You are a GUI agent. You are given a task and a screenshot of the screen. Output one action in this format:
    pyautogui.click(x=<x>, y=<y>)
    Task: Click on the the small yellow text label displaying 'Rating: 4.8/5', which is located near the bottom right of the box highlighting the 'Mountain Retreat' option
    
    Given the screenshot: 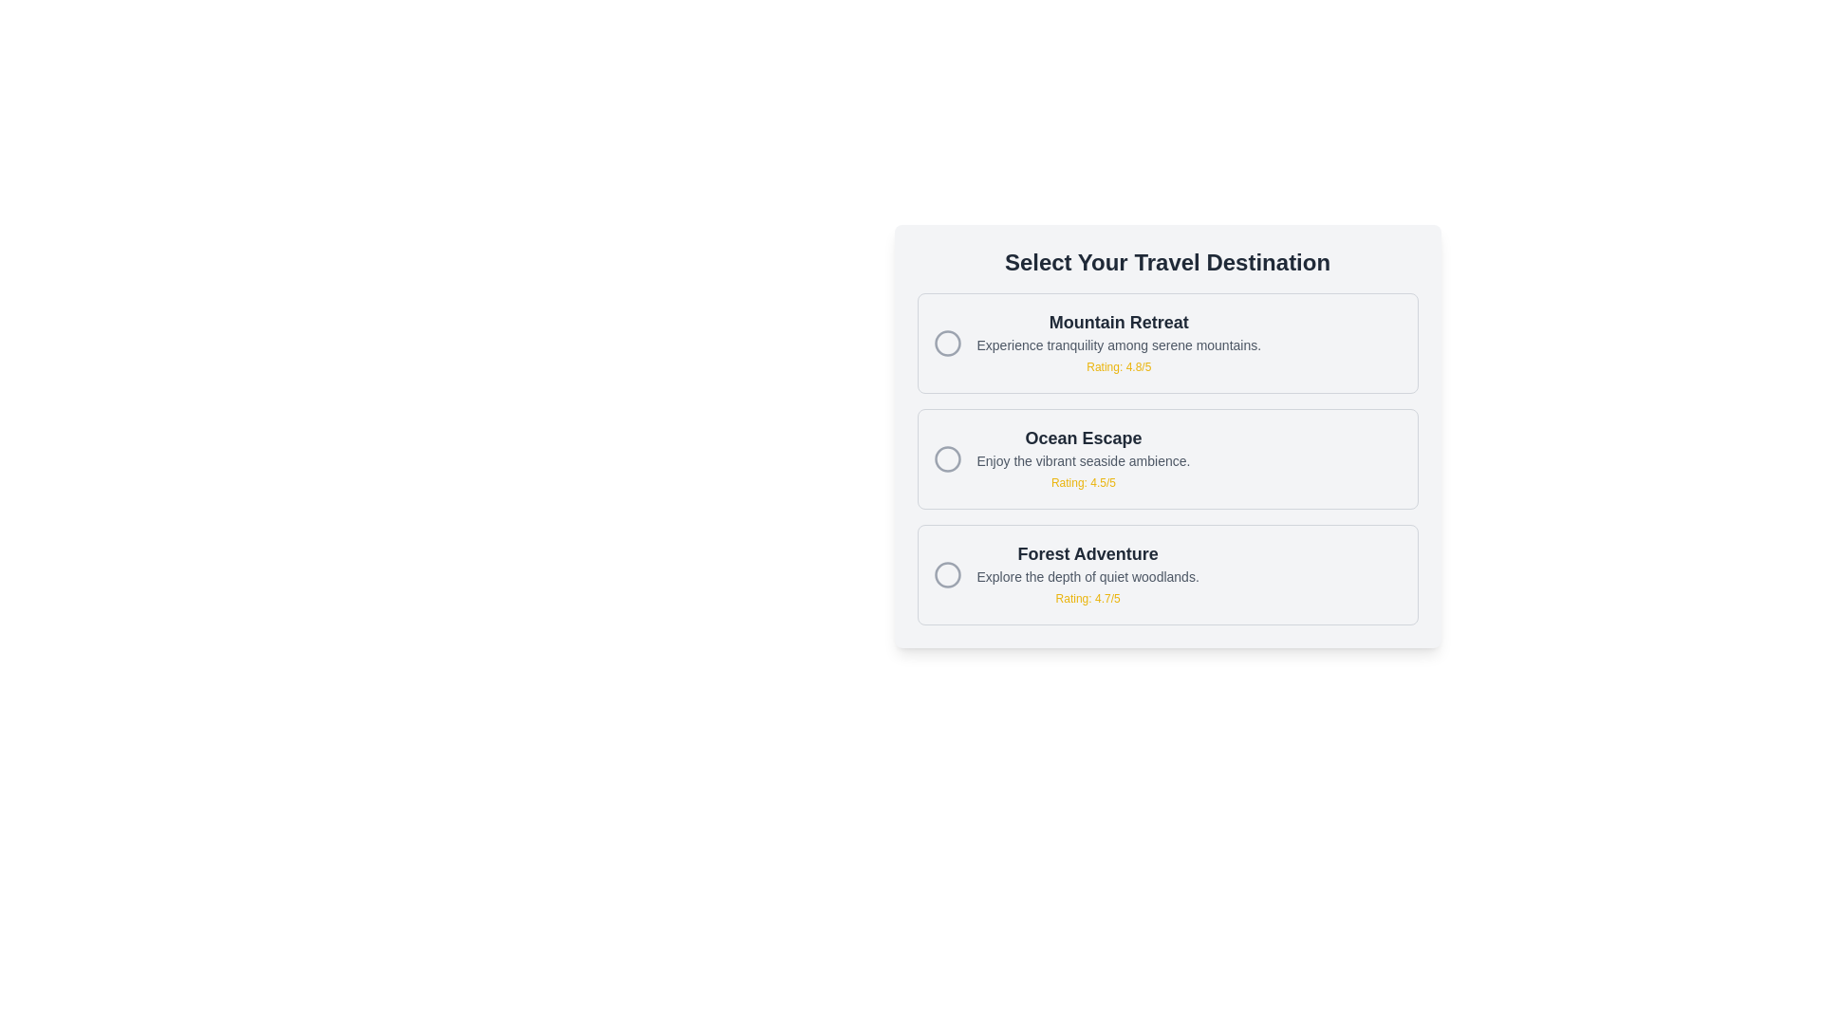 What is the action you would take?
    pyautogui.click(x=1119, y=366)
    